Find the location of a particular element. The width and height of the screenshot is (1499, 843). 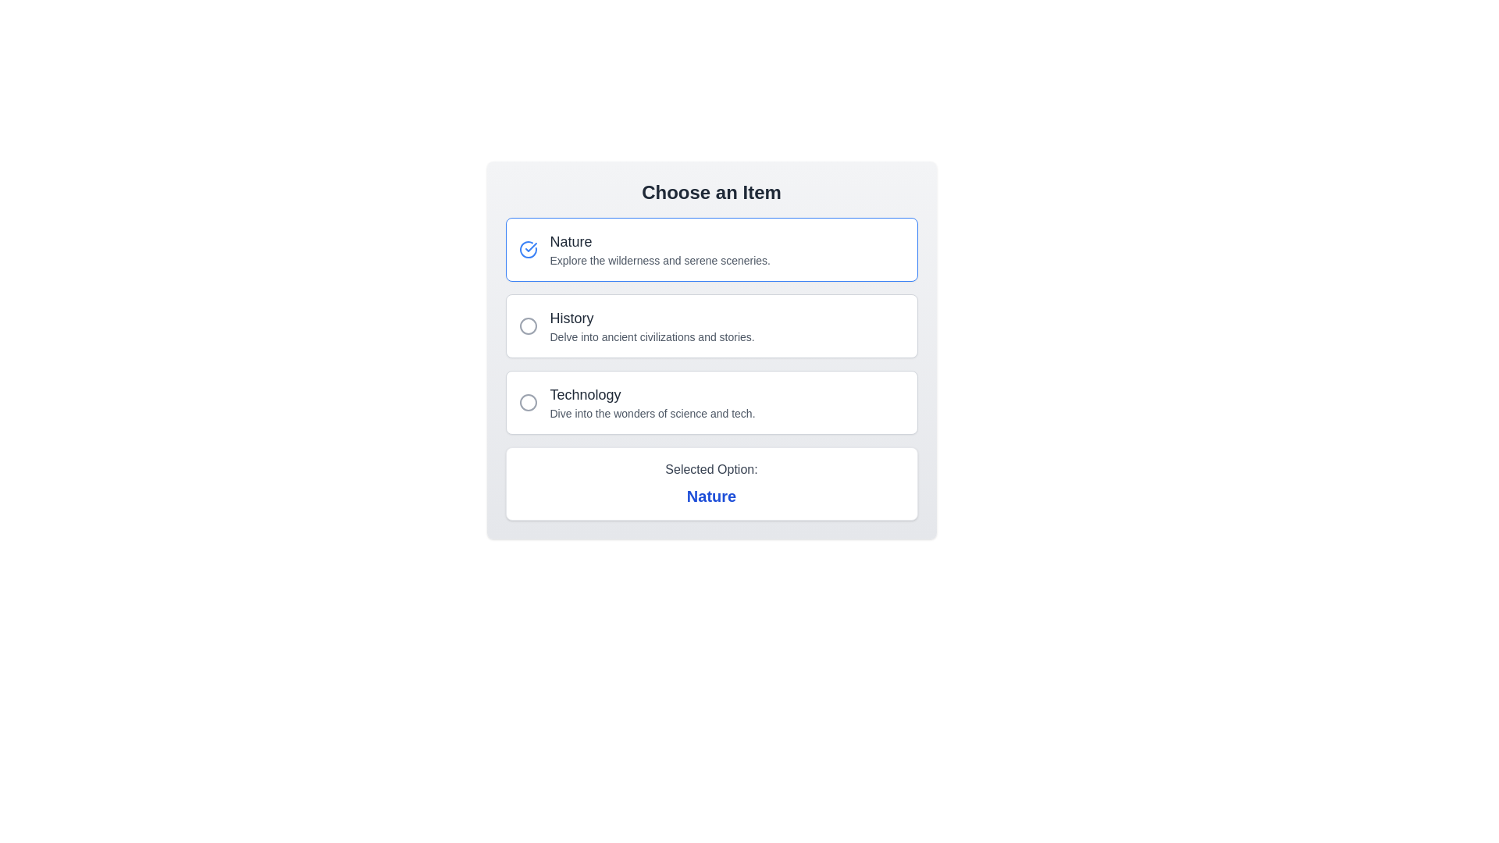

text from the Text block titled 'Nature' which describes 'Explore the wilderness and serene sceneries.' is located at coordinates (660, 249).